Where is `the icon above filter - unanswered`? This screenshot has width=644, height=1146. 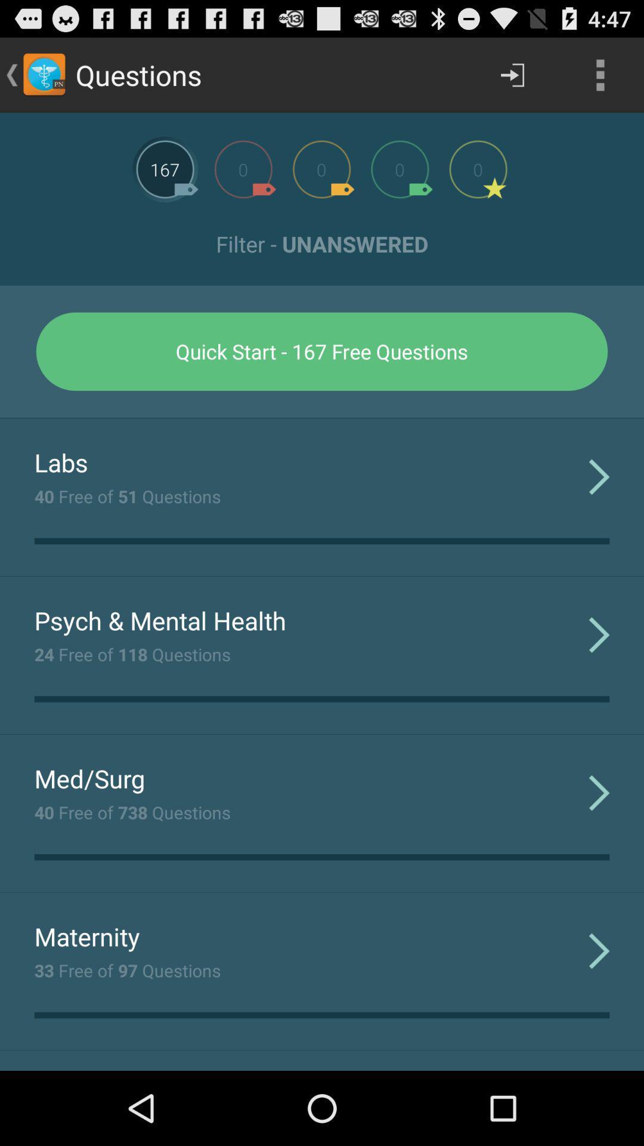 the icon above filter - unanswered is located at coordinates (600, 74).